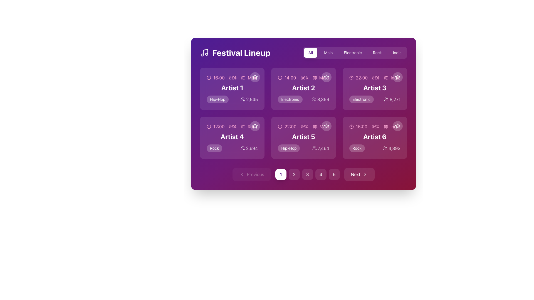 The height and width of the screenshot is (300, 534). I want to click on the favorite toggle button for 'Artist 3' located in the top-right corner of the card, so click(397, 77).